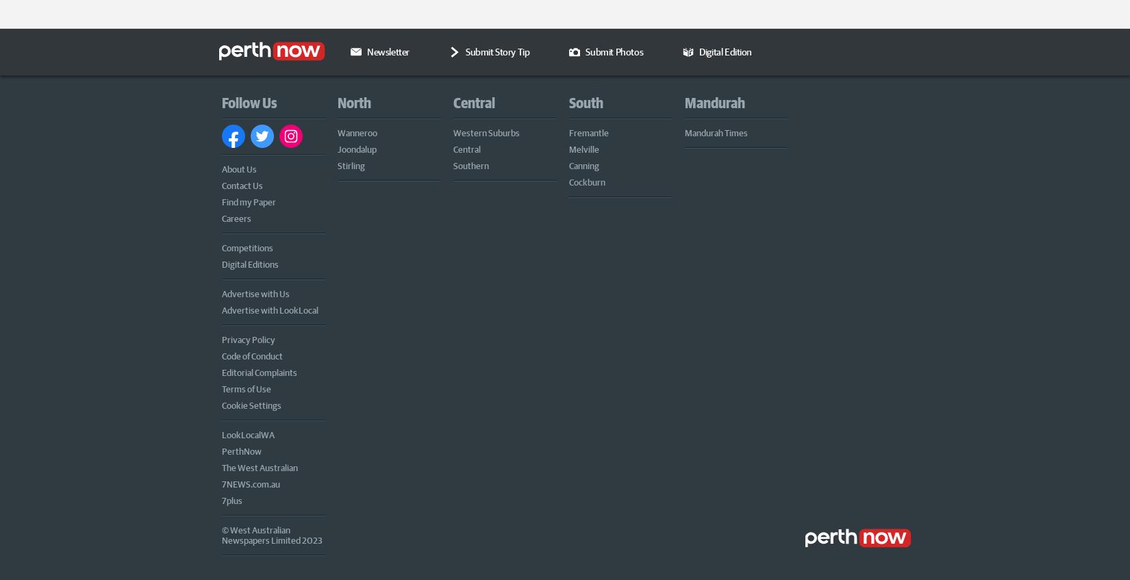 Image resolution: width=1130 pixels, height=580 pixels. Describe the element at coordinates (260, 370) in the screenshot. I see `'Editorial Complaints'` at that location.